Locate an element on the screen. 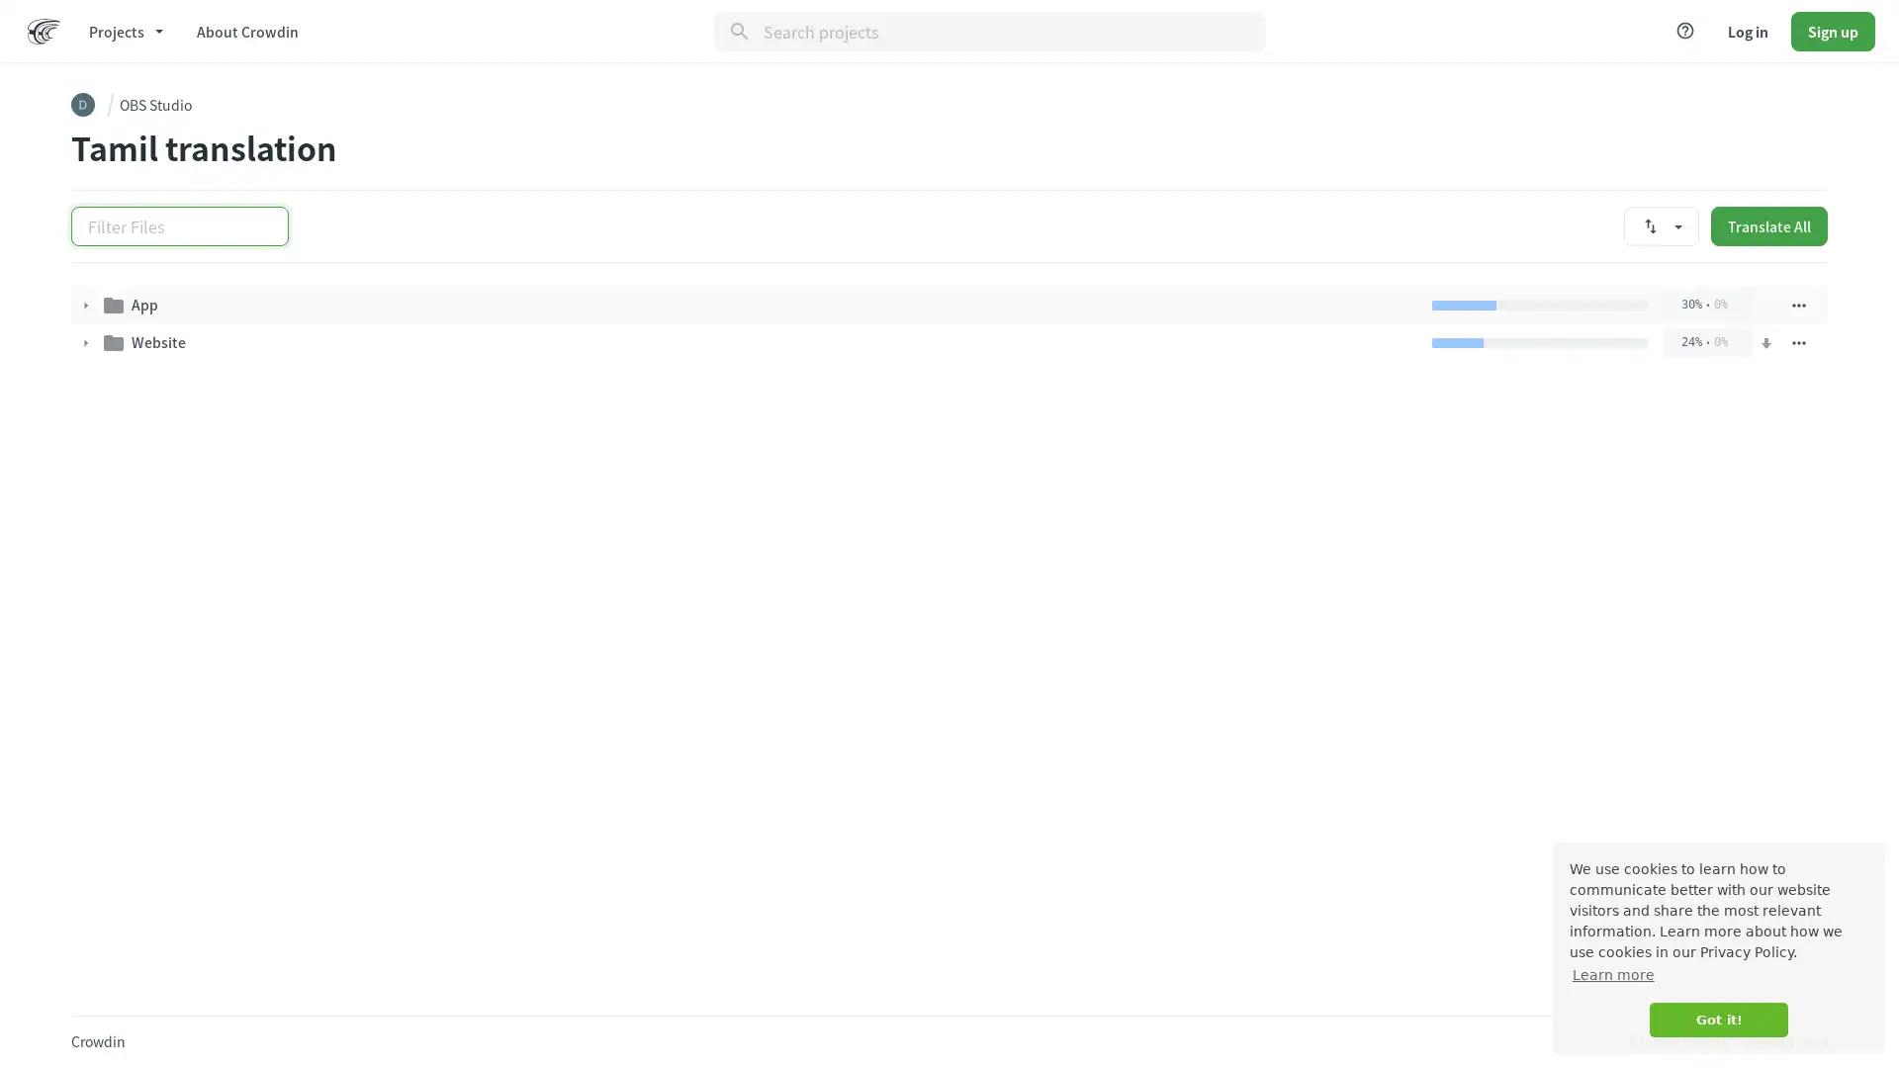 This screenshot has width=1899, height=1068. Projects is located at coordinates (124, 30).